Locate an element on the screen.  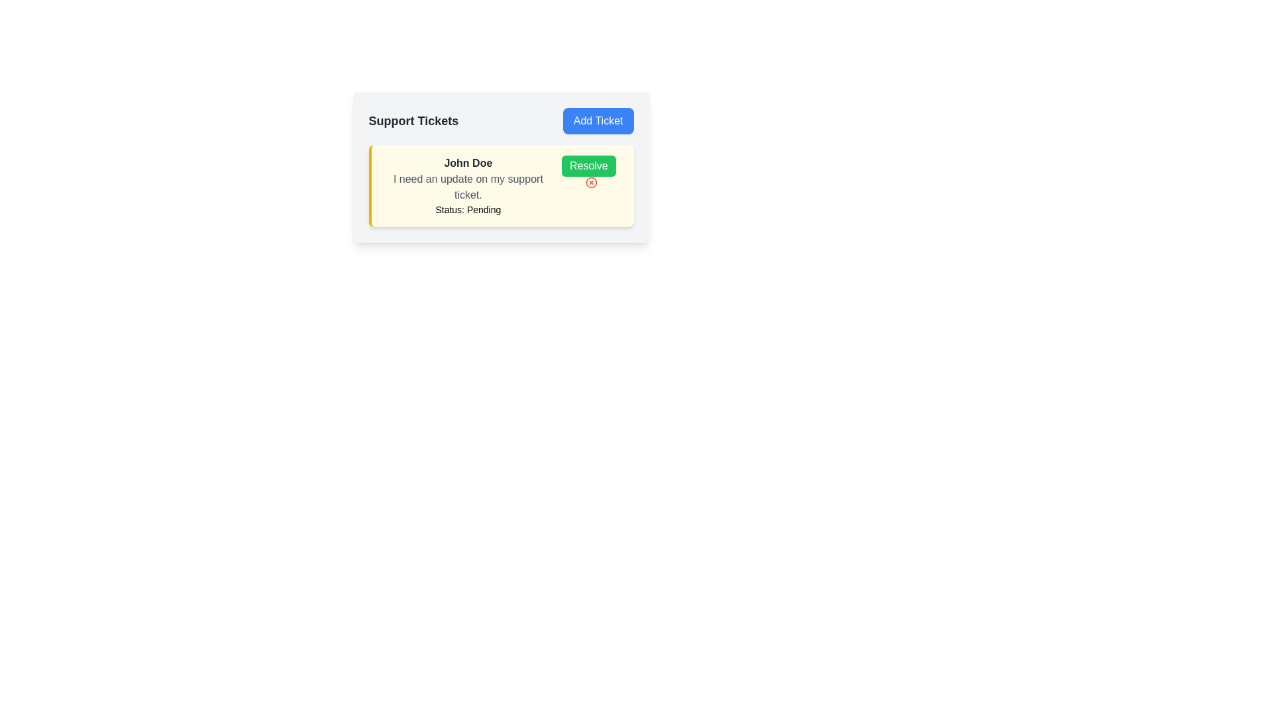
the green 'Resolve' button is located at coordinates (588, 165).